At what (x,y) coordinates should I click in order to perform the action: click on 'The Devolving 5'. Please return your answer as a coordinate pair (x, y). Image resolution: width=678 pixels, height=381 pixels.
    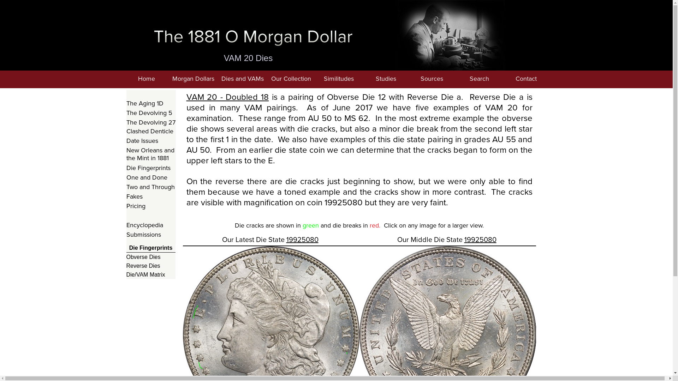
    Looking at the image, I should click on (150, 113).